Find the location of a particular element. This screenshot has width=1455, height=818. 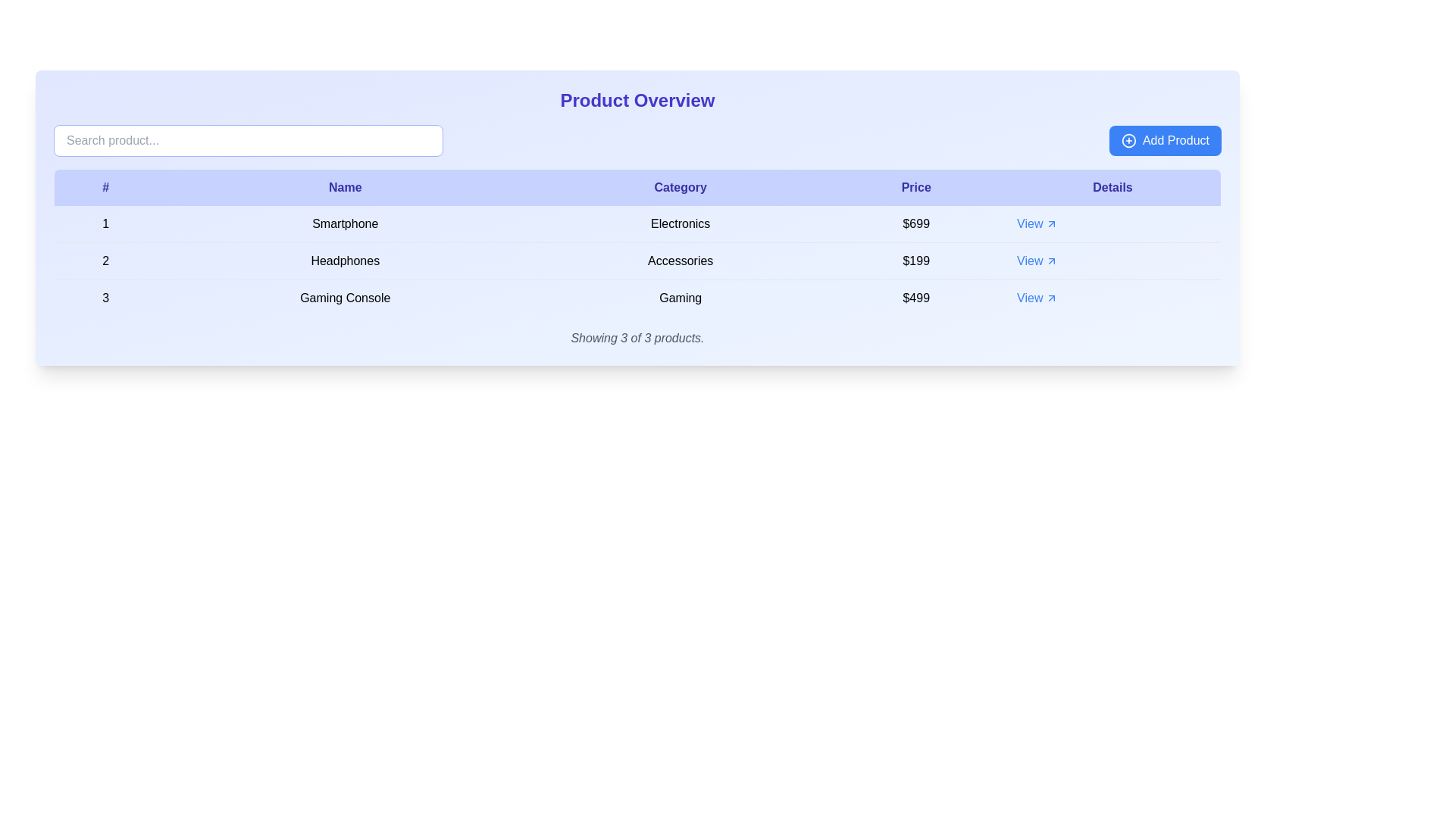

the light blue circular icon with a plus sign inside, located on the left side of the 'Add Product' button in the top-right corner of the interface is located at coordinates (1128, 140).